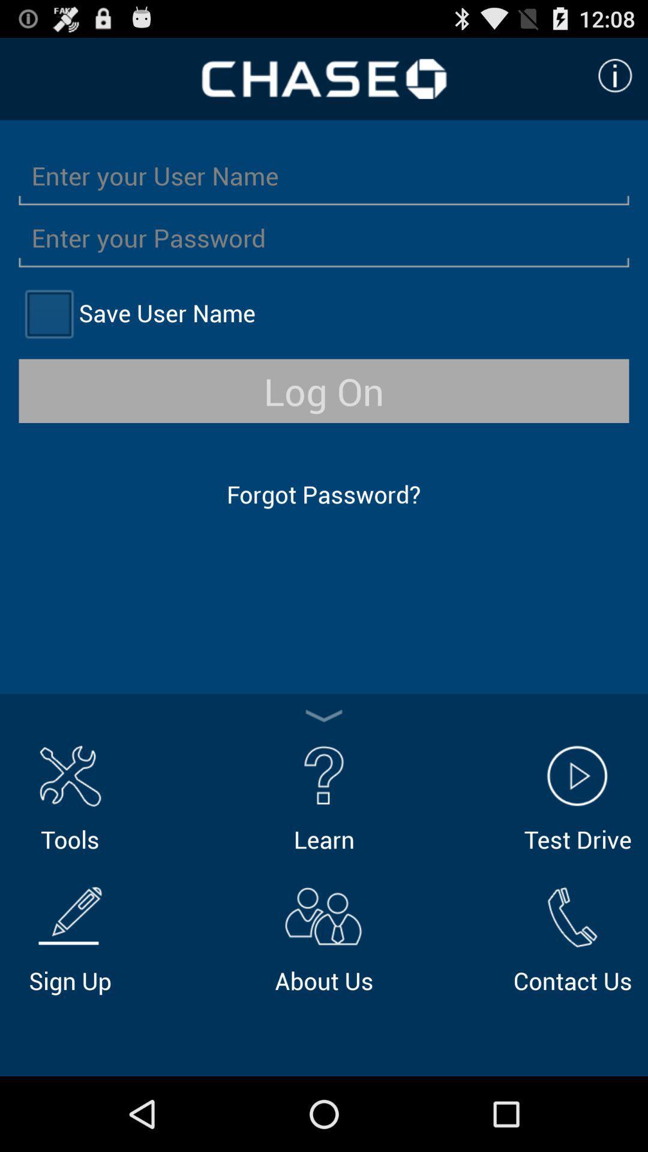  I want to click on the item next to the test drive, so click(324, 796).